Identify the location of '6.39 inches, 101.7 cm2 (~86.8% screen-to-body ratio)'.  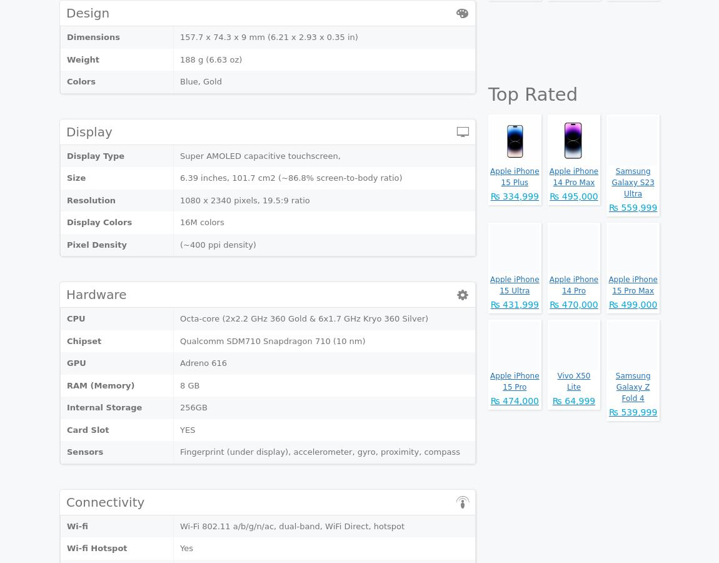
(291, 177).